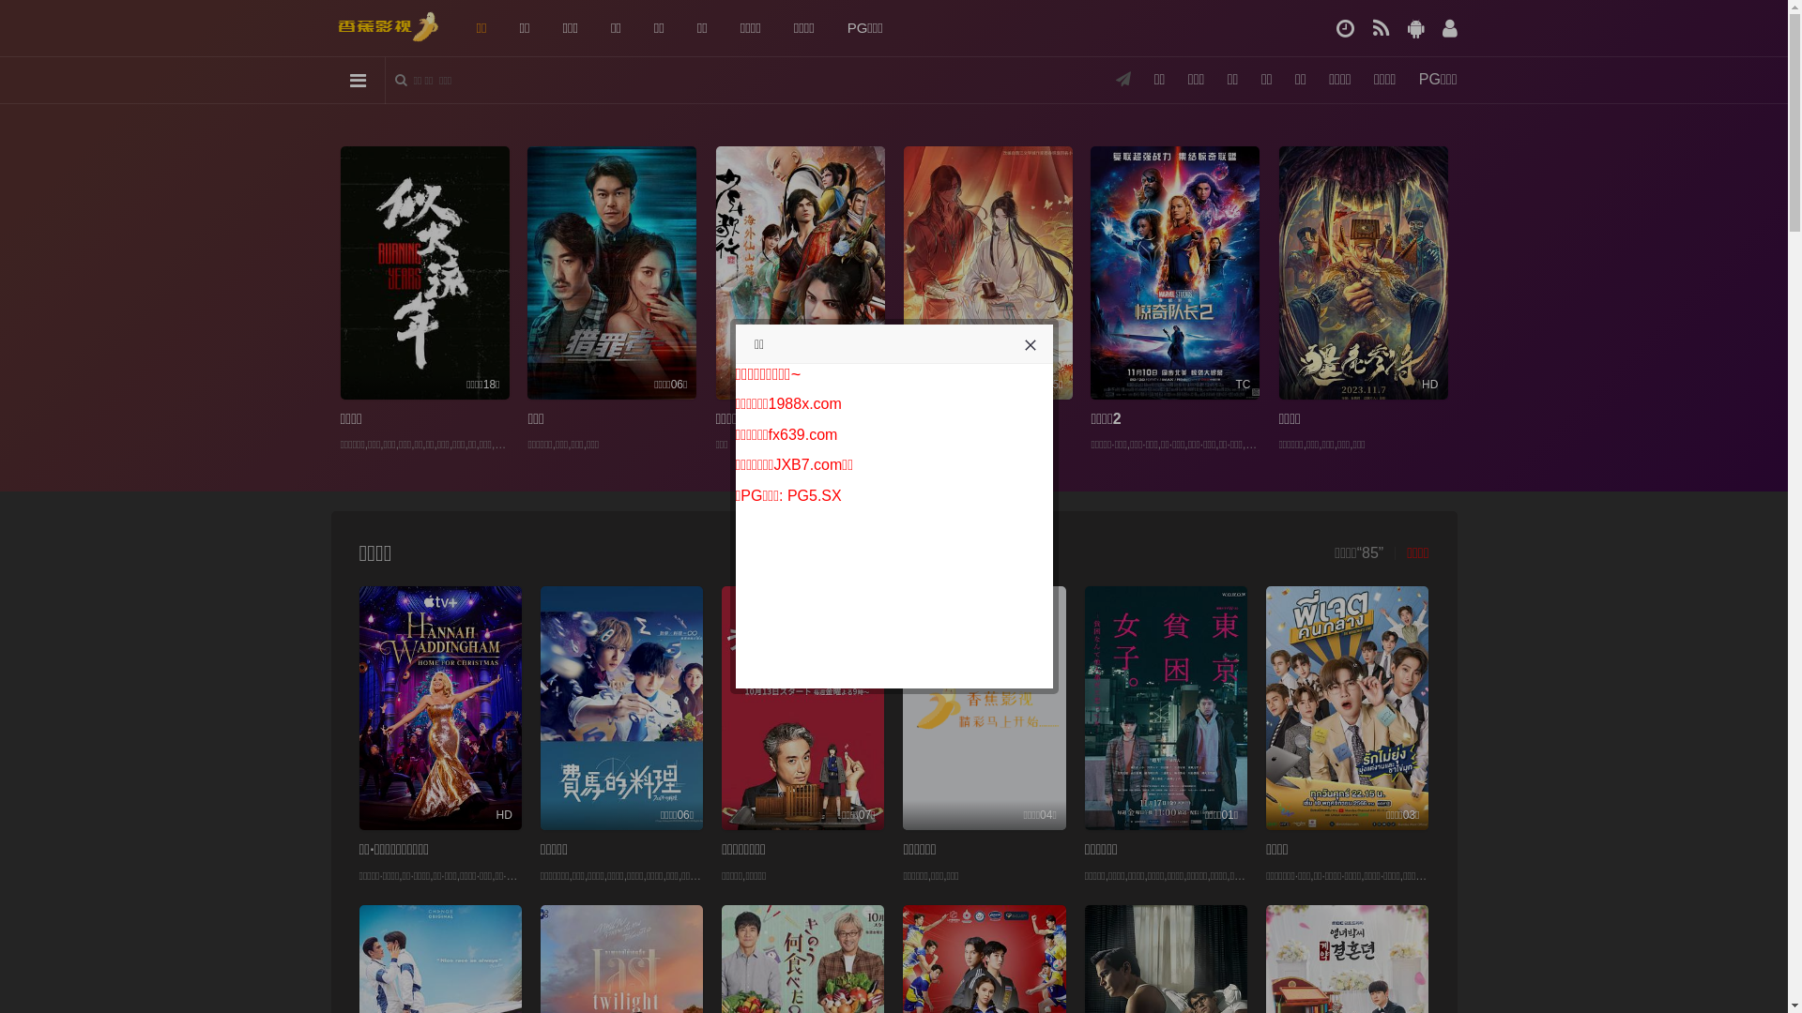 The width and height of the screenshot is (1802, 1013). Describe the element at coordinates (438, 708) in the screenshot. I see `'HD'` at that location.